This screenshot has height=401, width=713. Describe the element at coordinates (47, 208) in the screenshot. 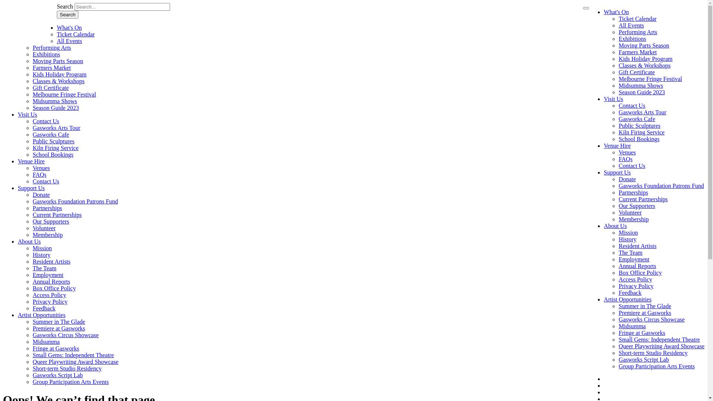

I see `'Partnerships'` at that location.